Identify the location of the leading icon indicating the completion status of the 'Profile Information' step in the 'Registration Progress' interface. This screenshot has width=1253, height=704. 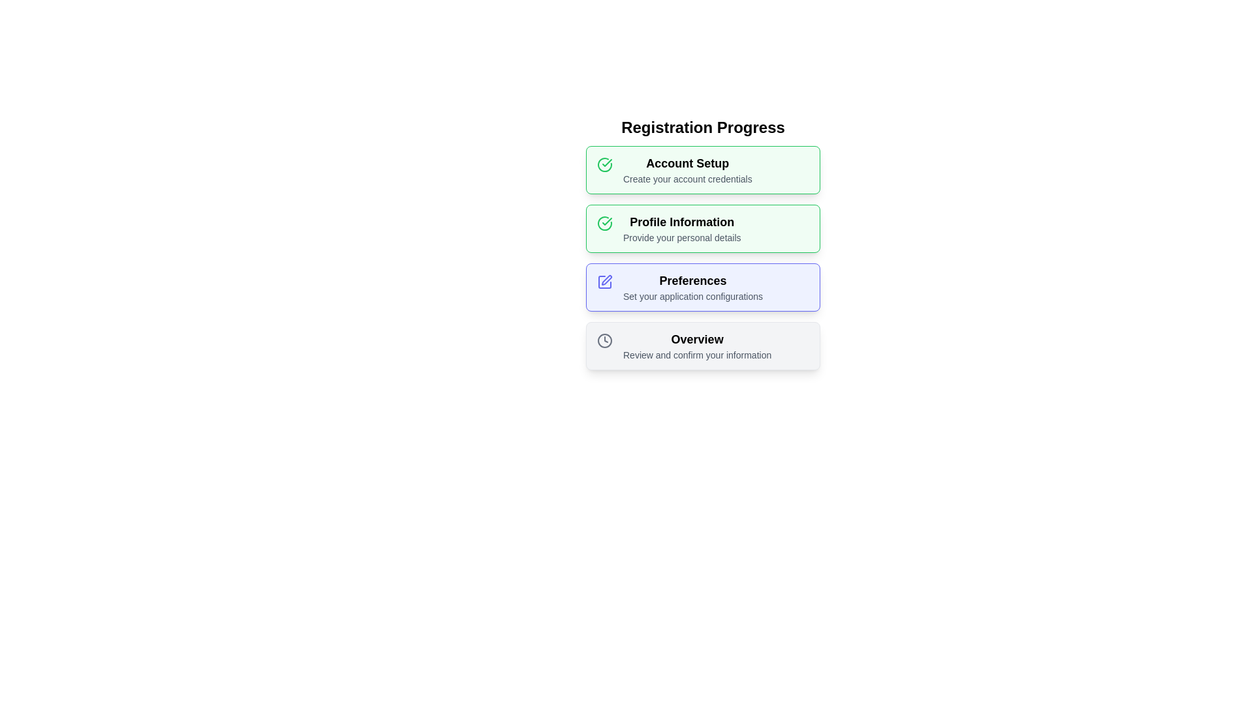
(604, 223).